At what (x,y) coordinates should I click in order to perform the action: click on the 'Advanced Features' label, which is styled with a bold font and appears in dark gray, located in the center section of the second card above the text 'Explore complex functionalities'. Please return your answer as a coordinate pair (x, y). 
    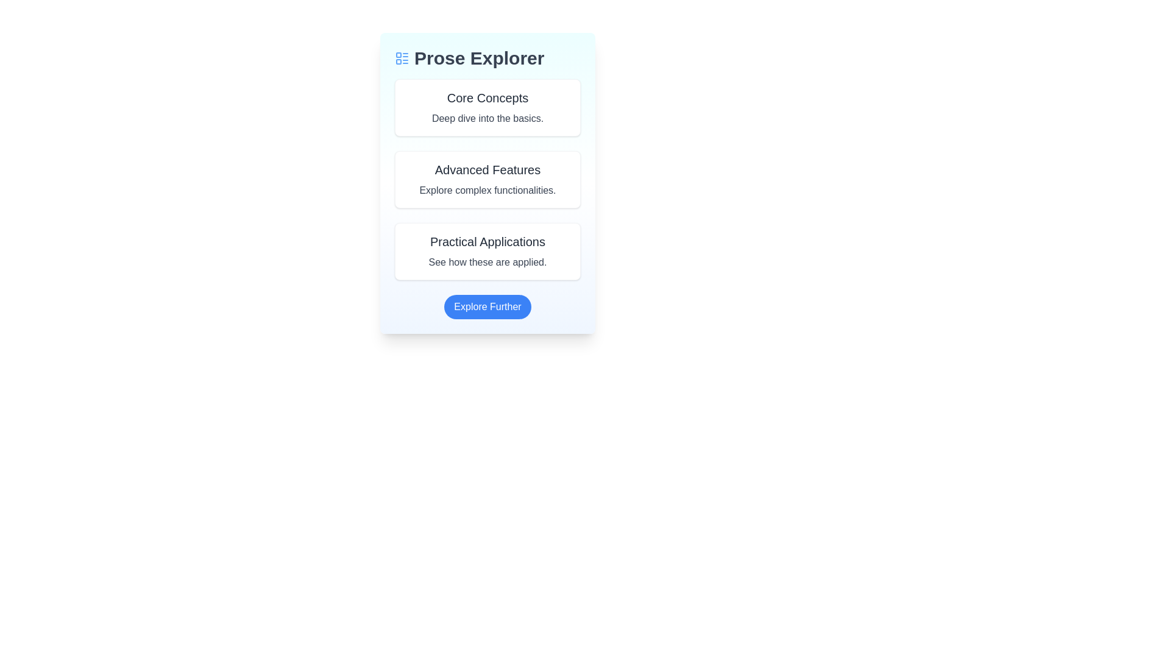
    Looking at the image, I should click on (487, 169).